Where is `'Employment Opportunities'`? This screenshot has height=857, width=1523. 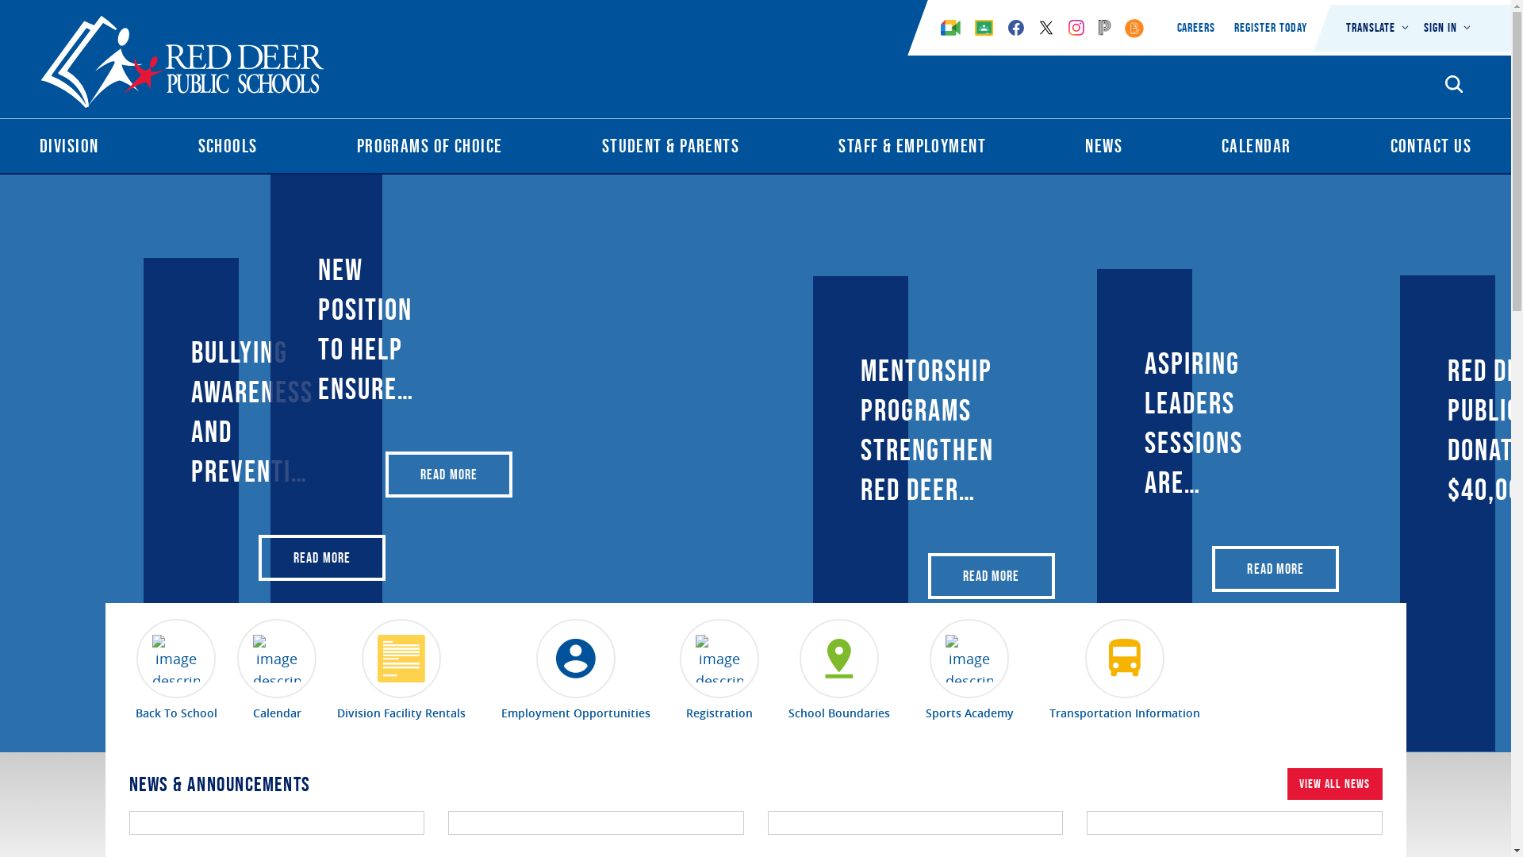
'Employment Opportunities' is located at coordinates (574, 670).